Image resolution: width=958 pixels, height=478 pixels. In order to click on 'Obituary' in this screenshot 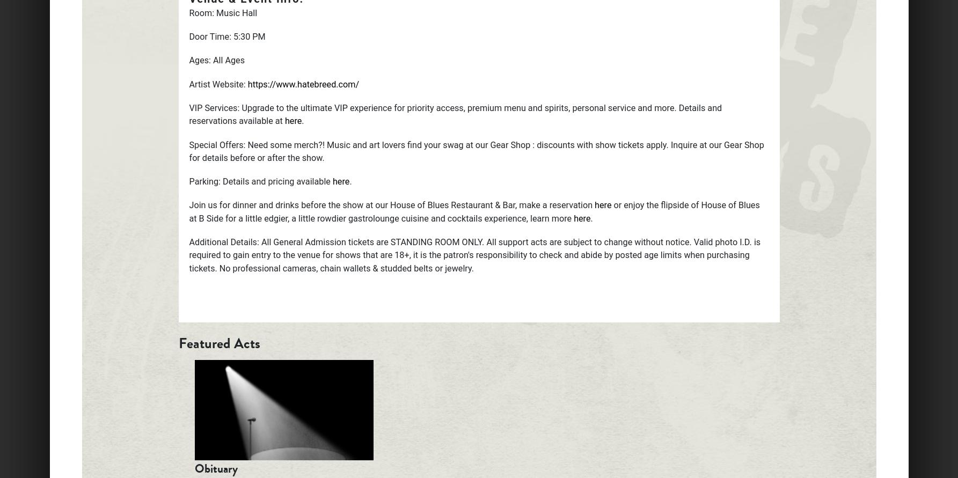, I will do `click(215, 468)`.